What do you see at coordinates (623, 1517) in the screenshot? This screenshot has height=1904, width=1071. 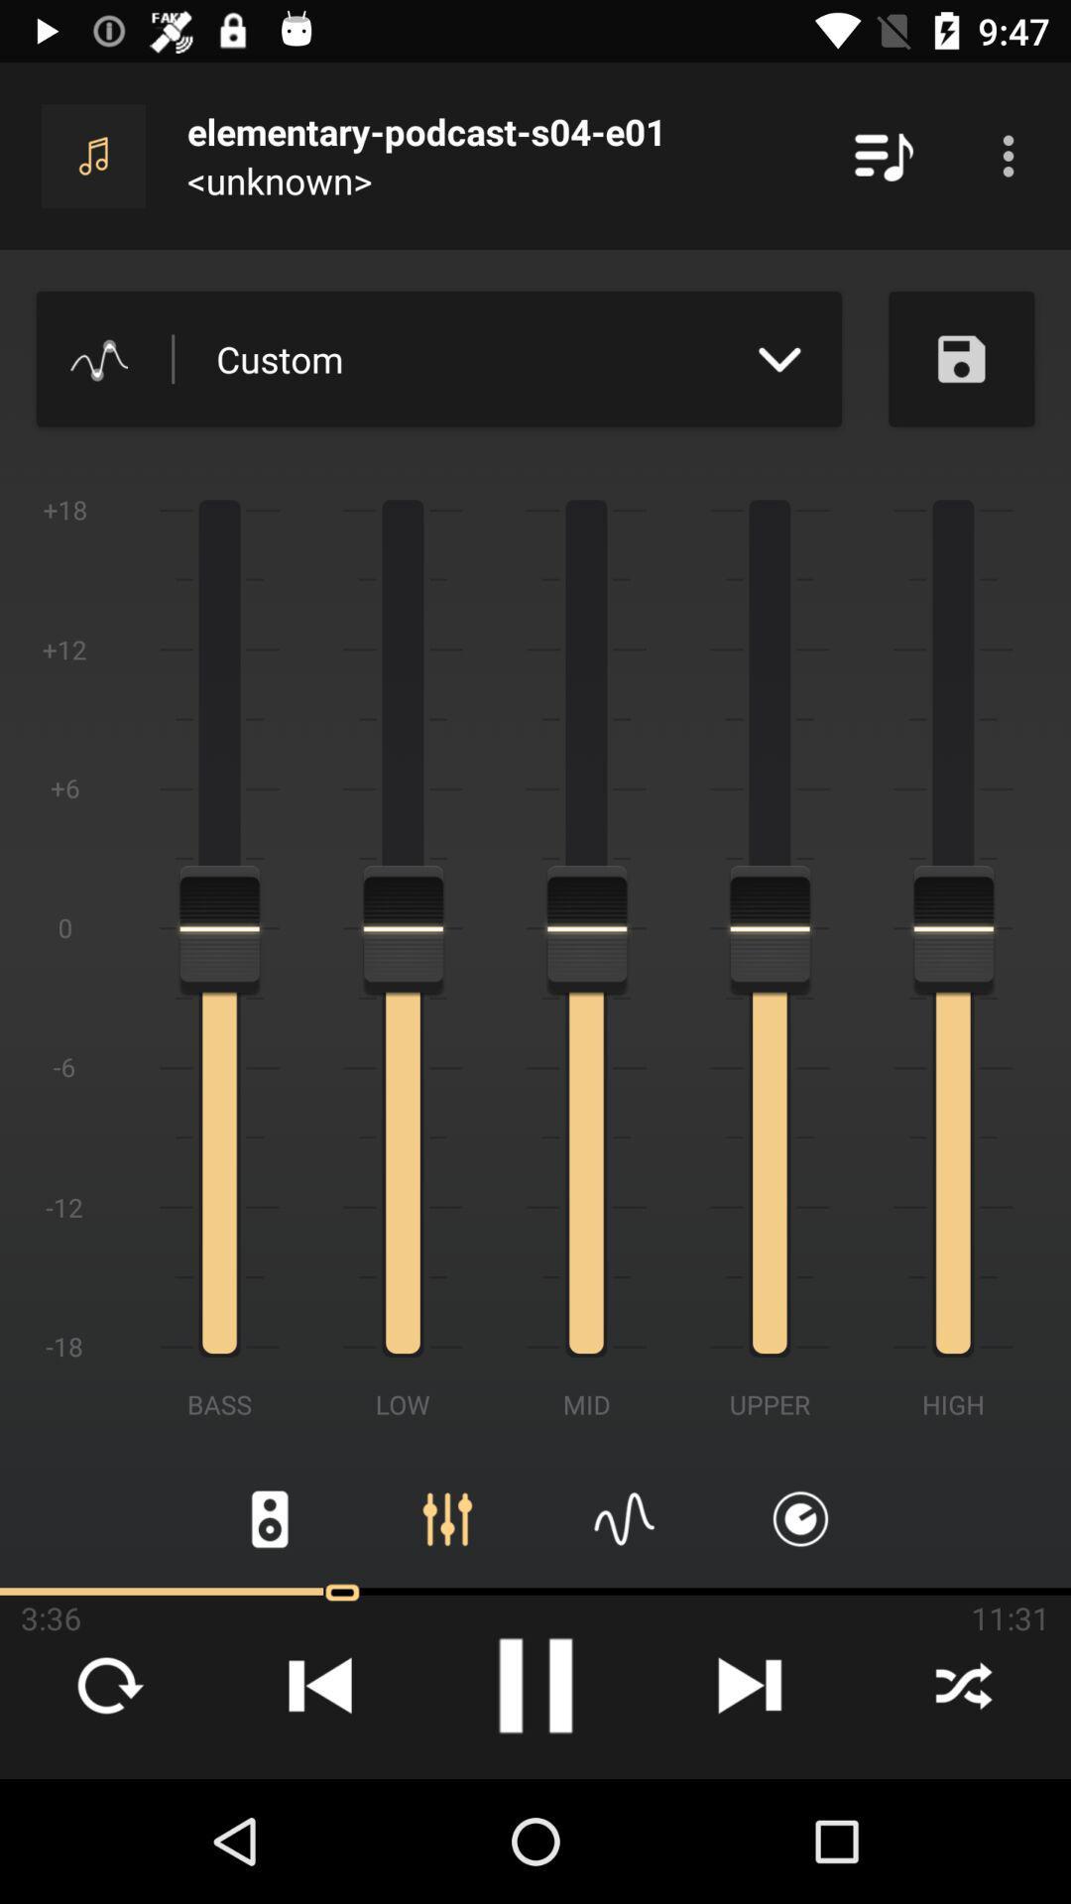 I see `the font icon` at bounding box center [623, 1517].